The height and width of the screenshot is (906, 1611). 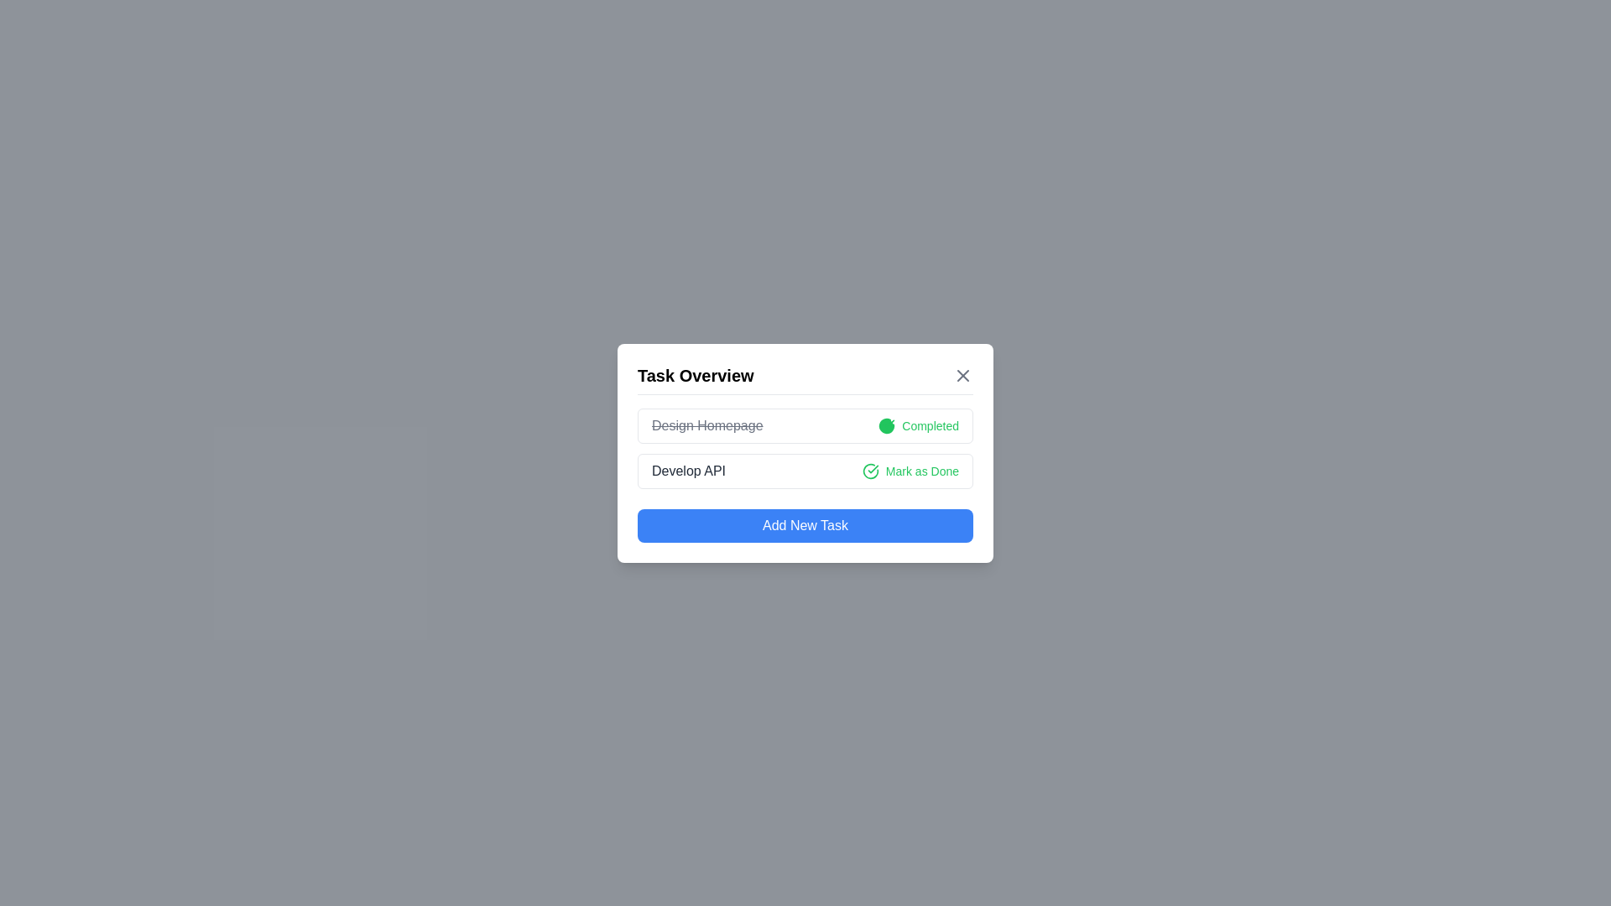 What do you see at coordinates (707, 424) in the screenshot?
I see `the static label element that indicates the completed task titled 'Design Homepage', which is displayed with a strikethrough and gray text style in the task management interface` at bounding box center [707, 424].